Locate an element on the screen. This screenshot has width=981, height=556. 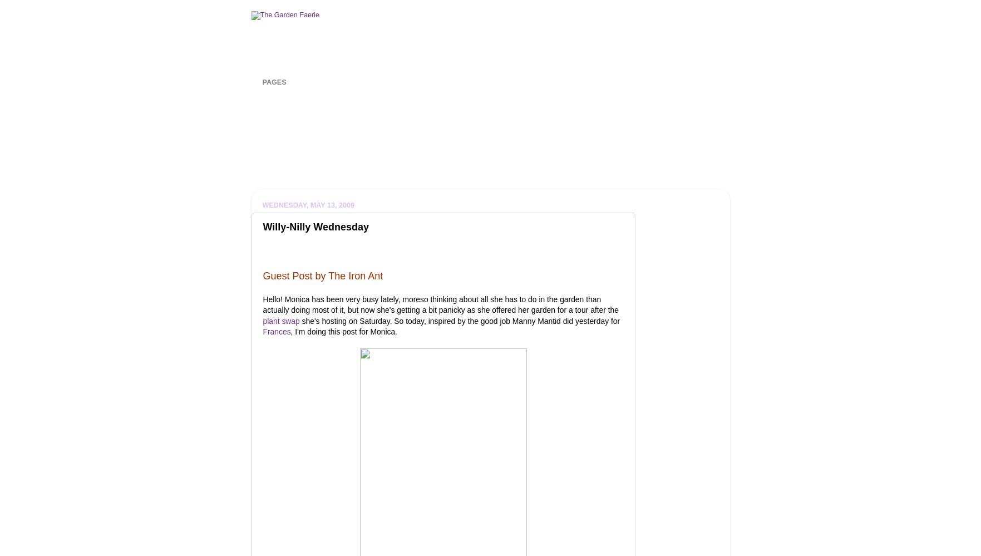
'Wednesday, May 13, 2009' is located at coordinates (262, 205).